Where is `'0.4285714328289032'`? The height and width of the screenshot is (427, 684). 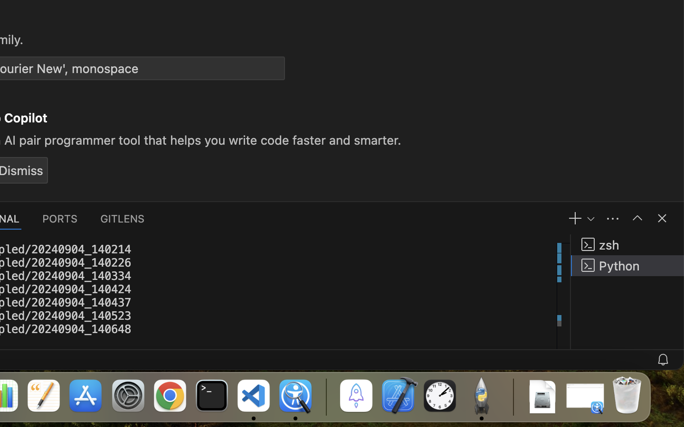
'0.4285714328289032' is located at coordinates (325, 396).